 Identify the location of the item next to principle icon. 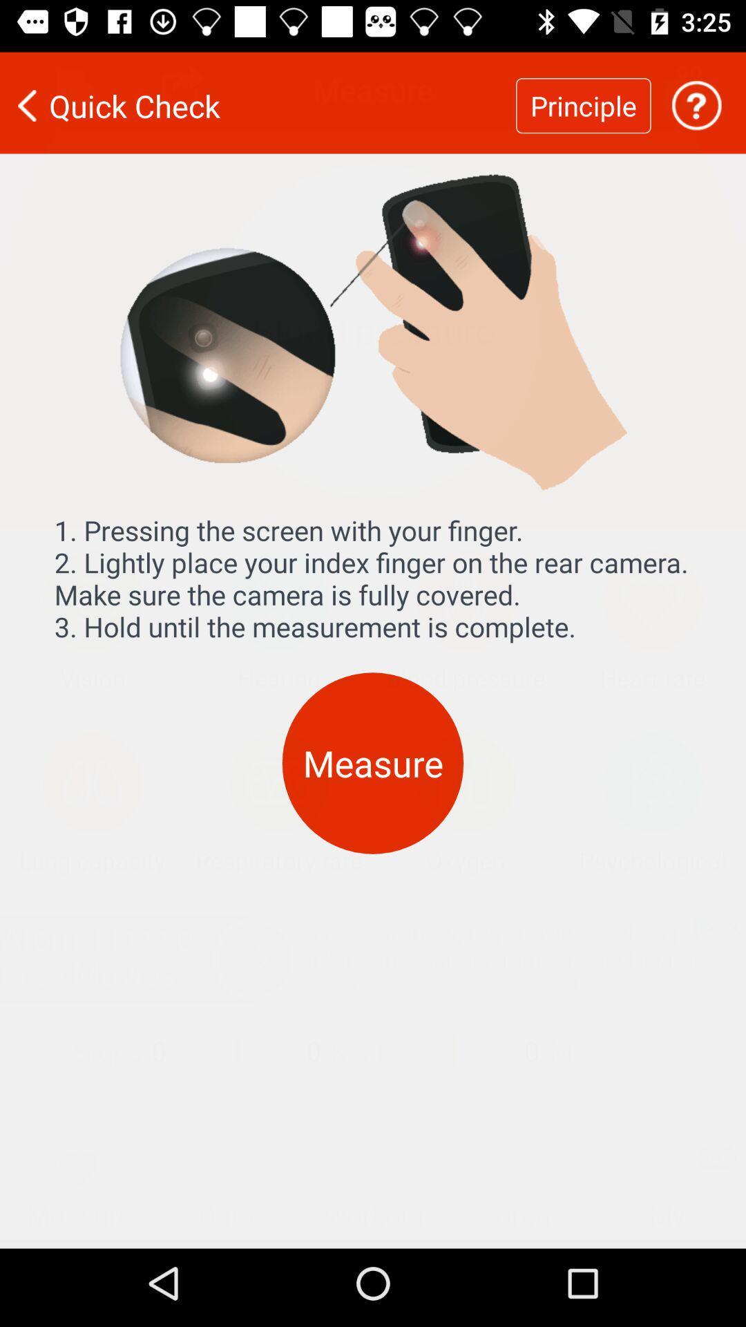
(696, 96).